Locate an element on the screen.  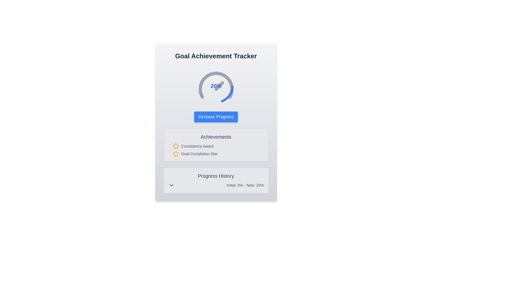
the 'Goal Completion Star' achievement icon located in the 'Achievements' section beneath the 'Consistency Award' icon is located at coordinates (176, 146).